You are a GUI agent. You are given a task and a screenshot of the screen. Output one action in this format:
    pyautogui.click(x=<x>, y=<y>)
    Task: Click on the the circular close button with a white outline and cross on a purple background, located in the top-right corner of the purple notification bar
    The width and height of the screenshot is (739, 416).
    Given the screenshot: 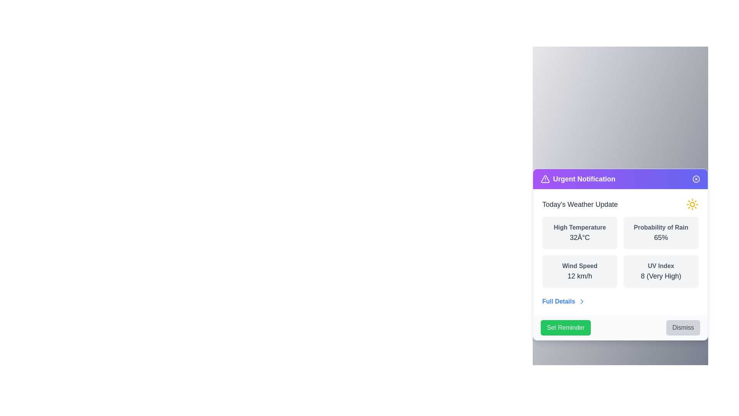 What is the action you would take?
    pyautogui.click(x=696, y=179)
    